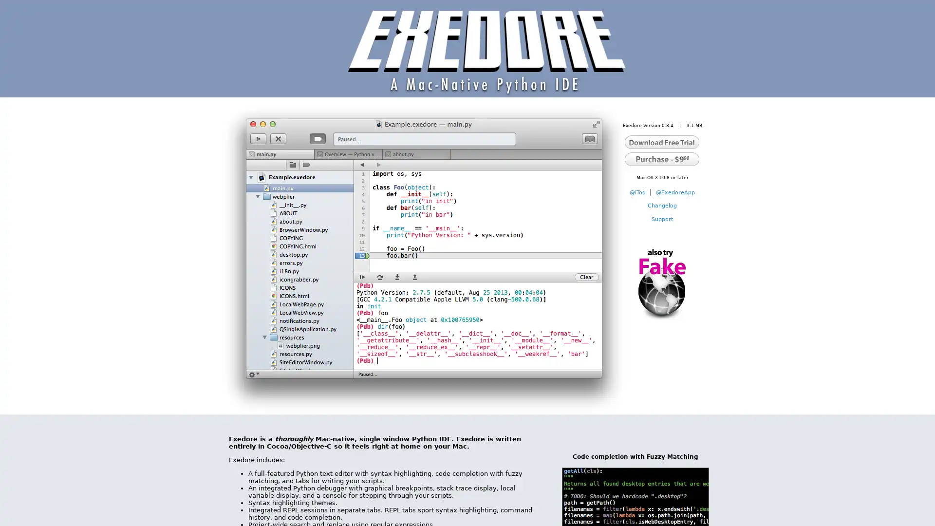  Describe the element at coordinates (661, 158) in the screenshot. I see `PayPal - The safer, easier way to pay online!` at that location.